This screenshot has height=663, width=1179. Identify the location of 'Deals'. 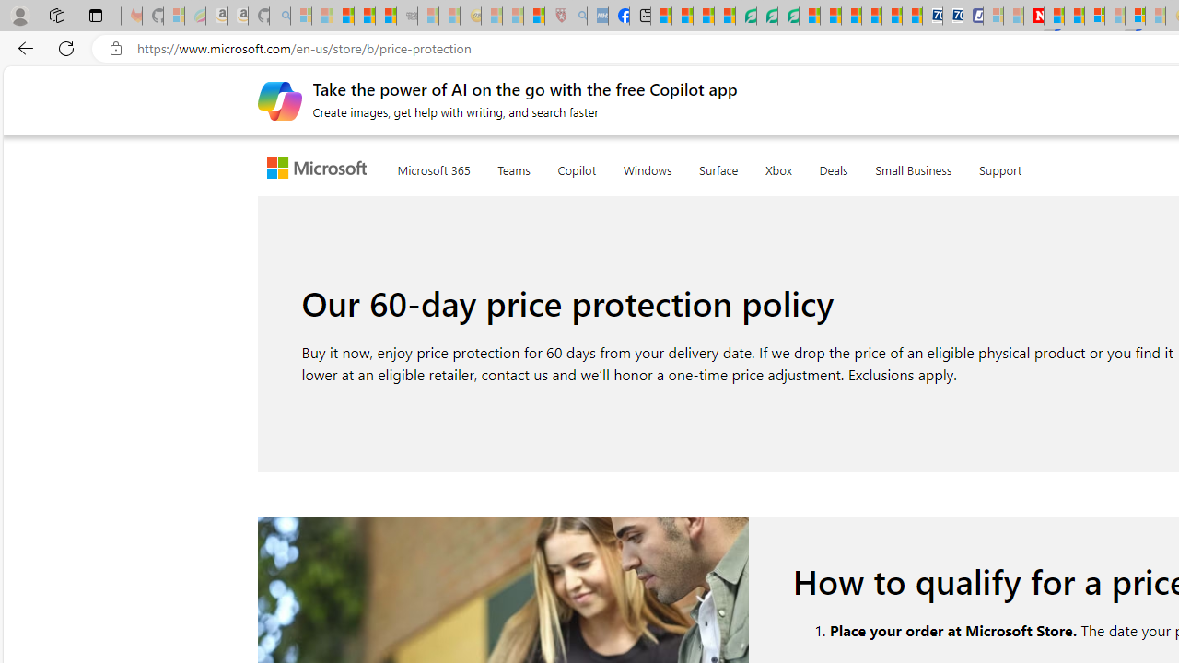
(832, 167).